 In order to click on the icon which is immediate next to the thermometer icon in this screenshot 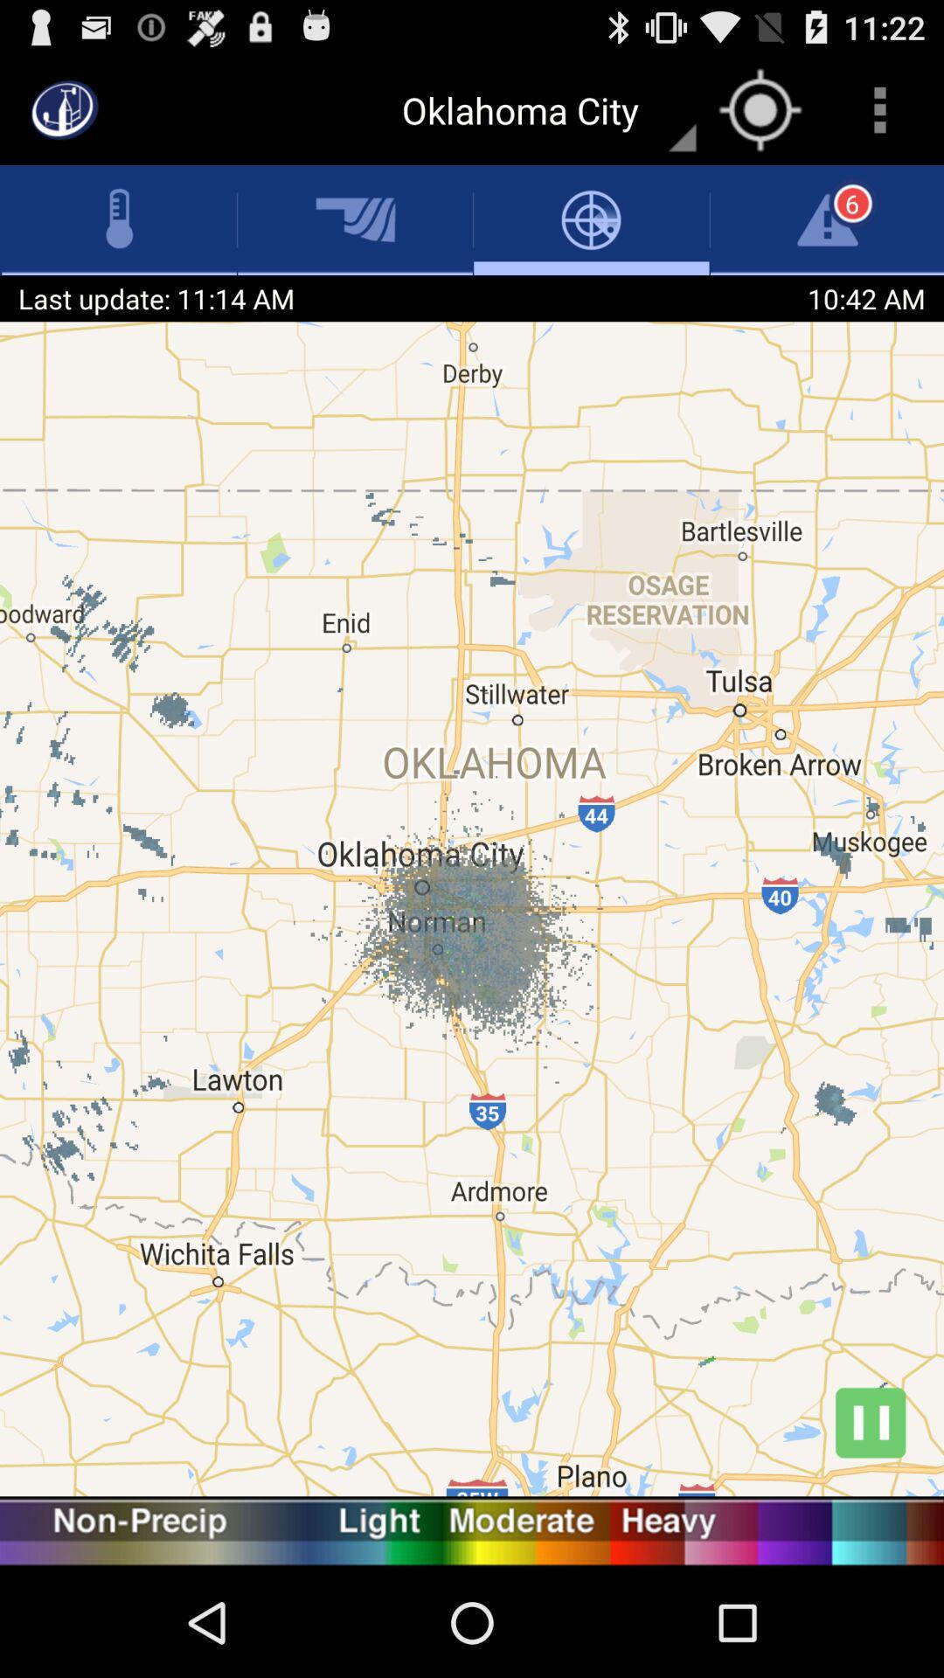, I will do `click(354, 219)`.